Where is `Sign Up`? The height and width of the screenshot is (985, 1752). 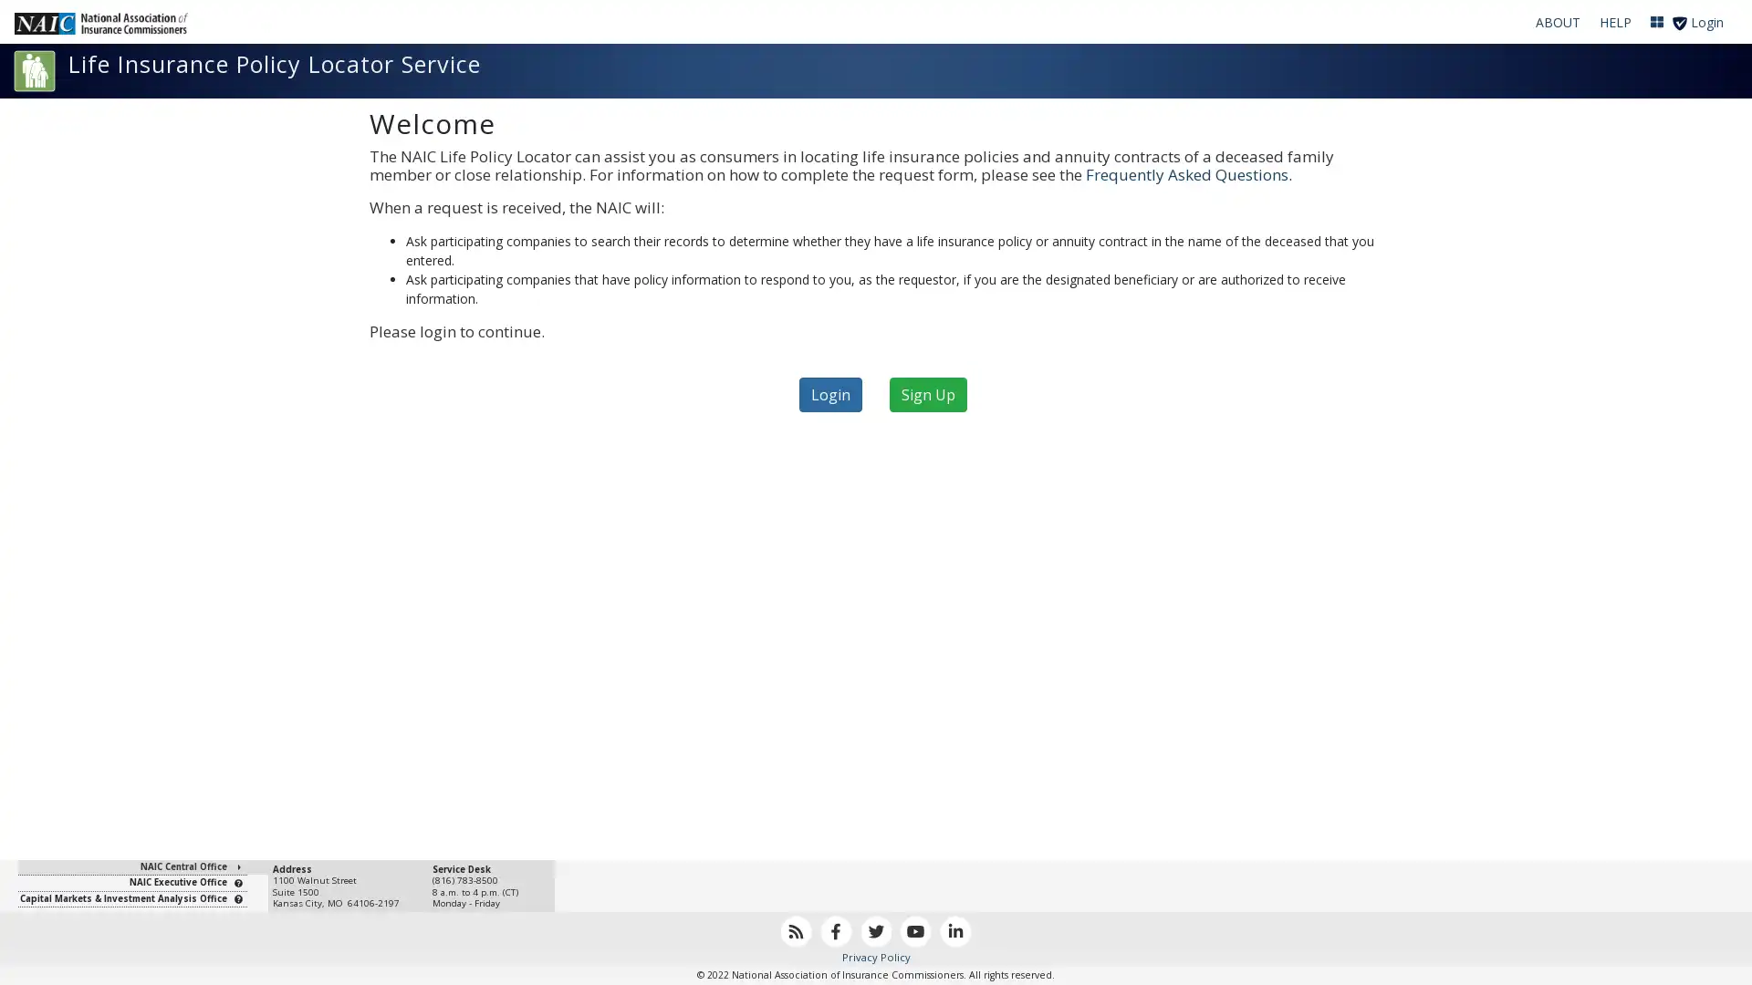
Sign Up is located at coordinates (928, 393).